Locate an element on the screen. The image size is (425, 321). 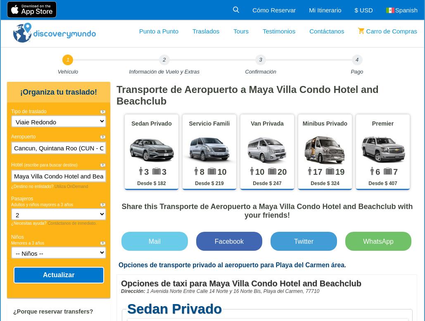
'Premier' is located at coordinates (382, 122).